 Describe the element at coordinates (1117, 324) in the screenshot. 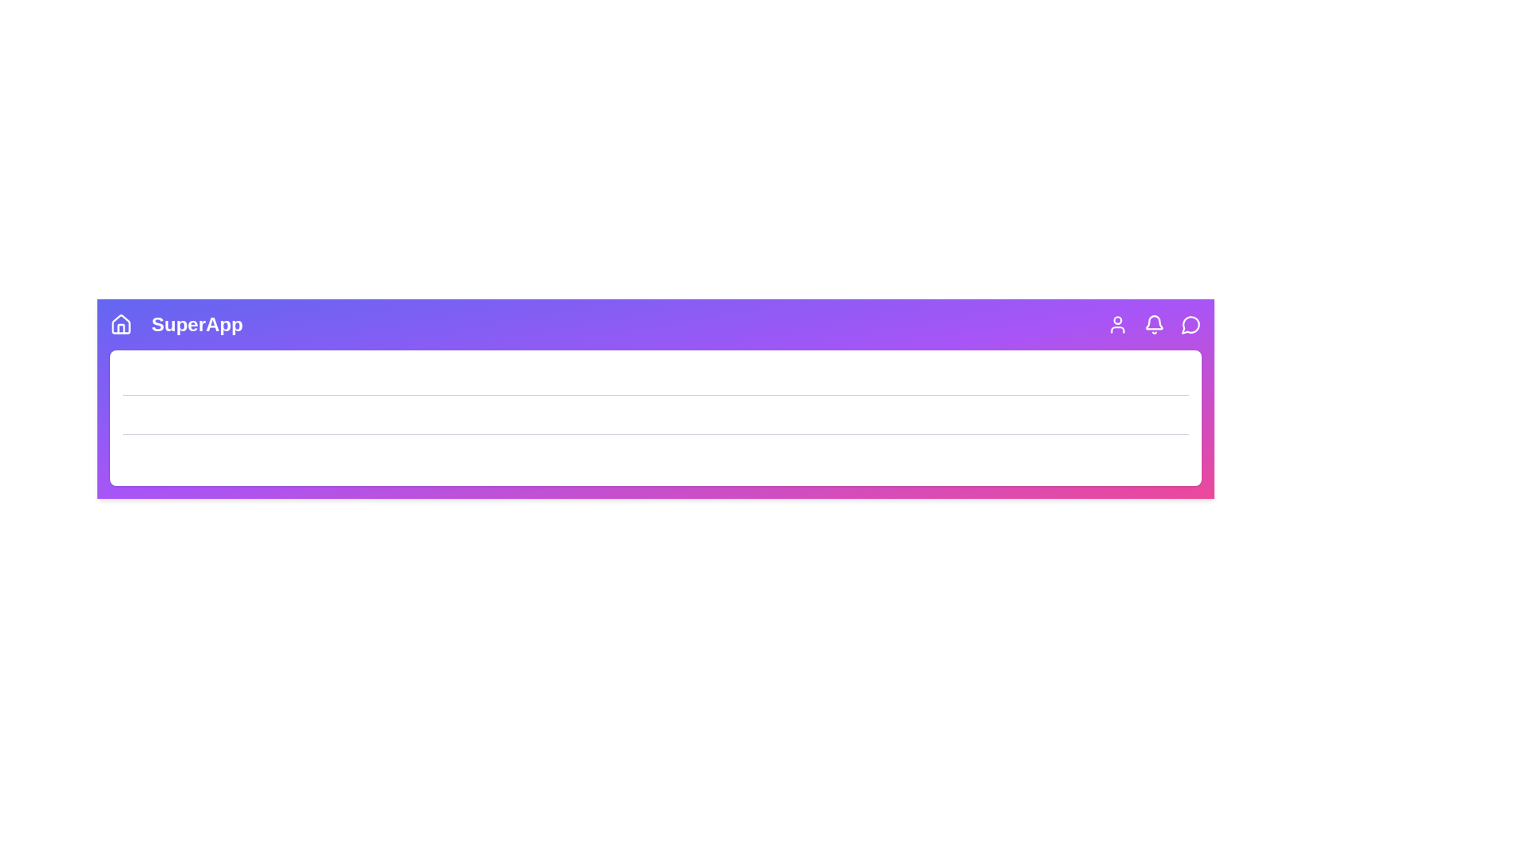

I see `the User icon to see its hover effect` at that location.